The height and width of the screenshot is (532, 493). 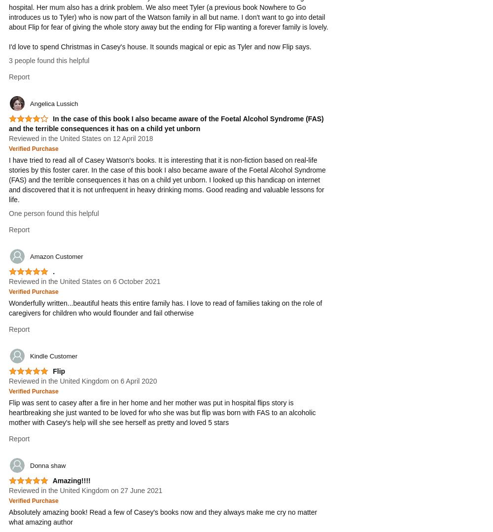 What do you see at coordinates (56, 256) in the screenshot?
I see `'Amazon Customer'` at bounding box center [56, 256].